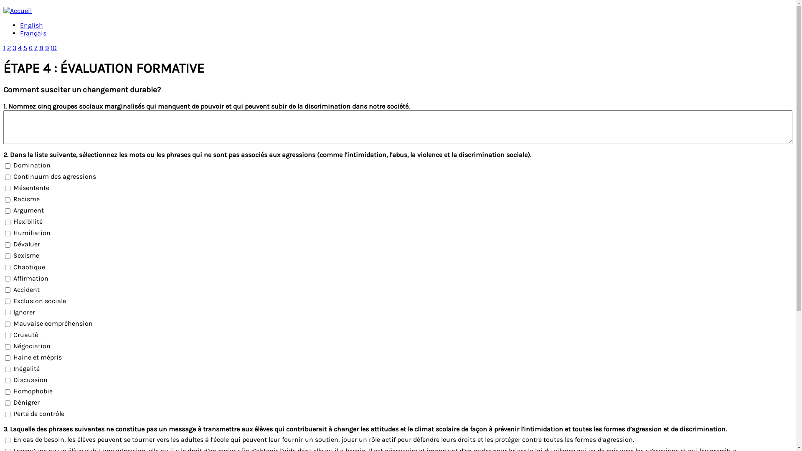 This screenshot has width=802, height=451. Describe the element at coordinates (46, 48) in the screenshot. I see `'9'` at that location.